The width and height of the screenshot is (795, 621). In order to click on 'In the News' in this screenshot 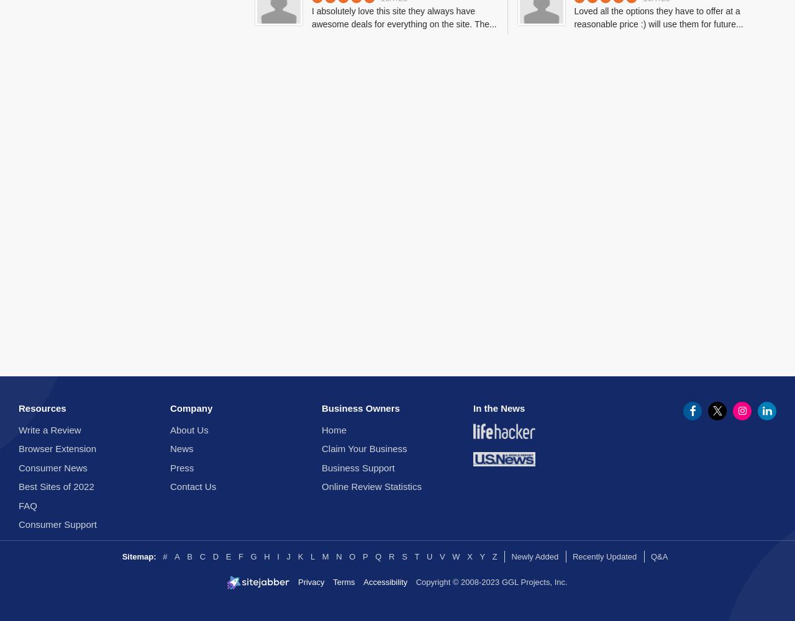, I will do `click(499, 408)`.